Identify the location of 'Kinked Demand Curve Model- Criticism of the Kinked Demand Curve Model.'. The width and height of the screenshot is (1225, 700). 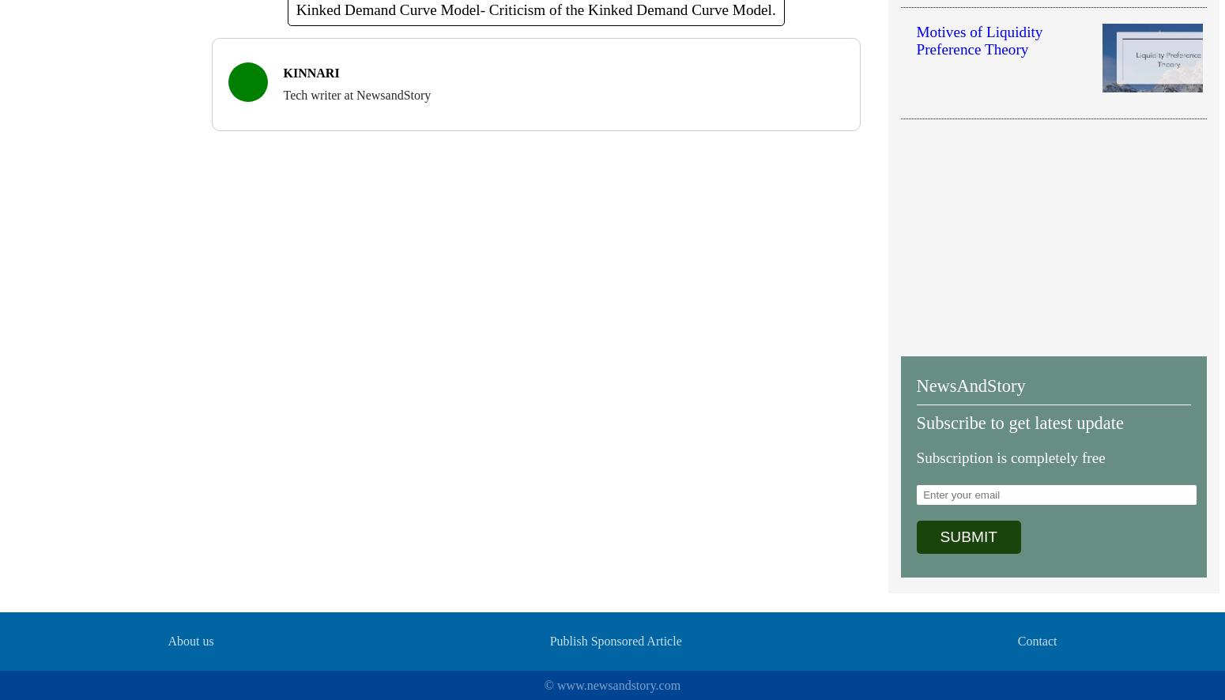
(295, 9).